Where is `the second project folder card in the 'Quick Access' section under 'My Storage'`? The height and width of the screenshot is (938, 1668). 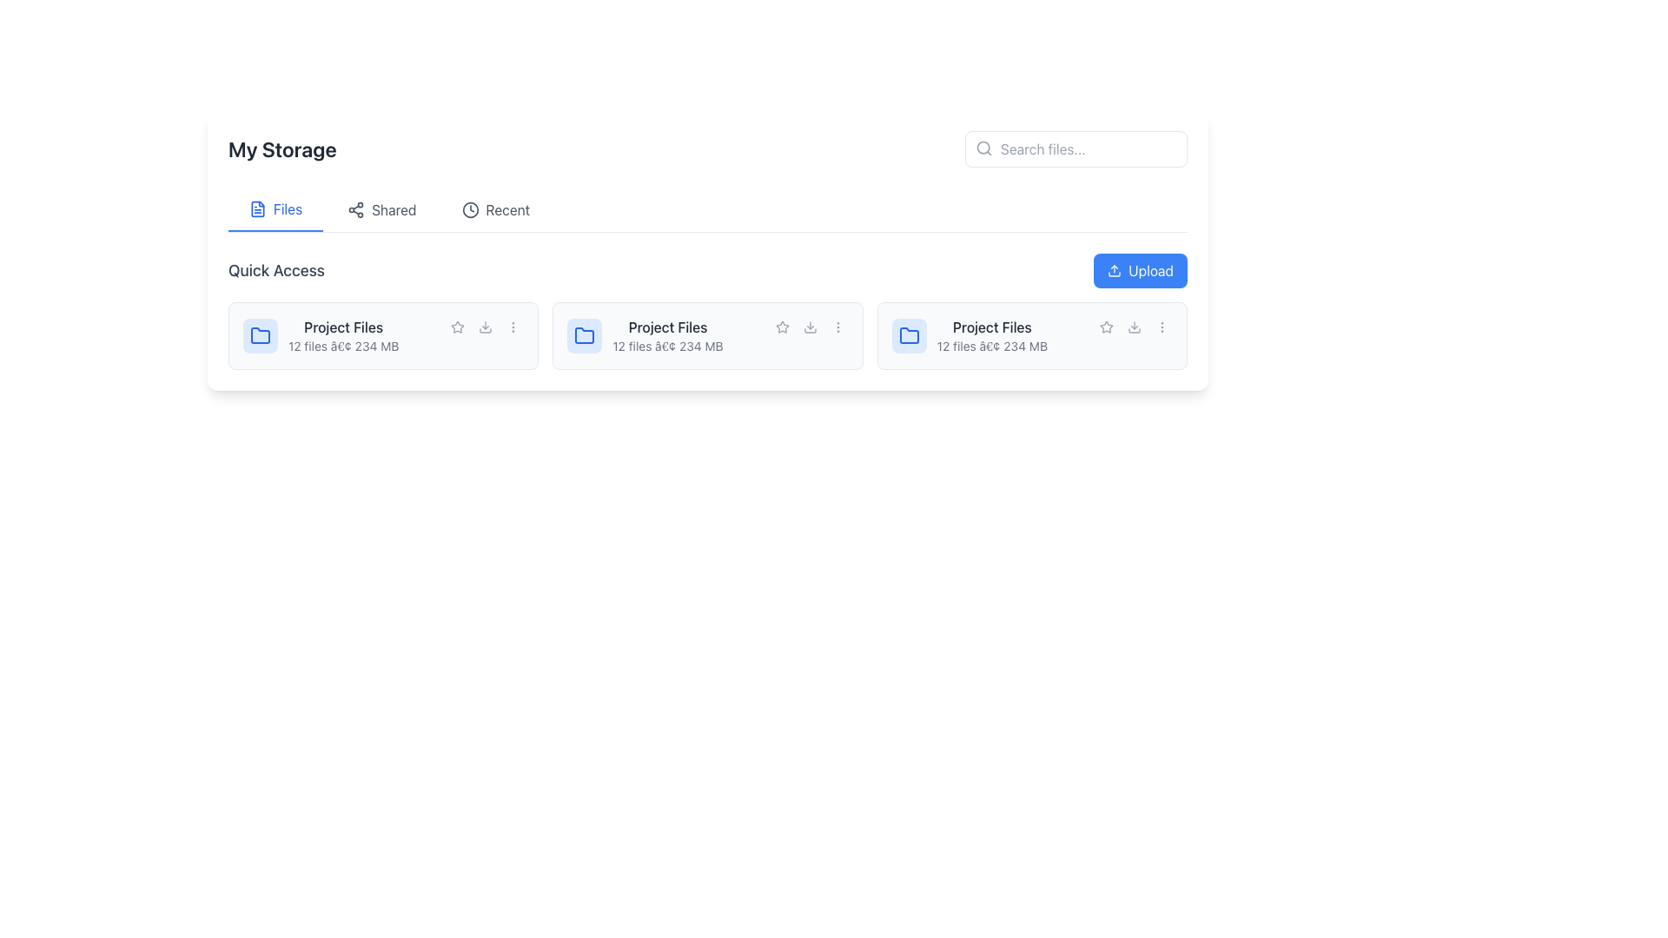
the second project folder card in the 'Quick Access' section under 'My Storage' is located at coordinates (708, 335).